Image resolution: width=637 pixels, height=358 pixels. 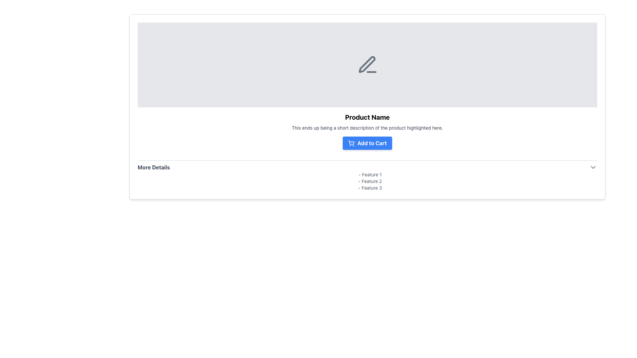 What do you see at coordinates (367, 117) in the screenshot?
I see `the title Text Label that serves as the name label for the surrounding product information, positioned above the descriptive text and the 'Add to Cart' button` at bounding box center [367, 117].